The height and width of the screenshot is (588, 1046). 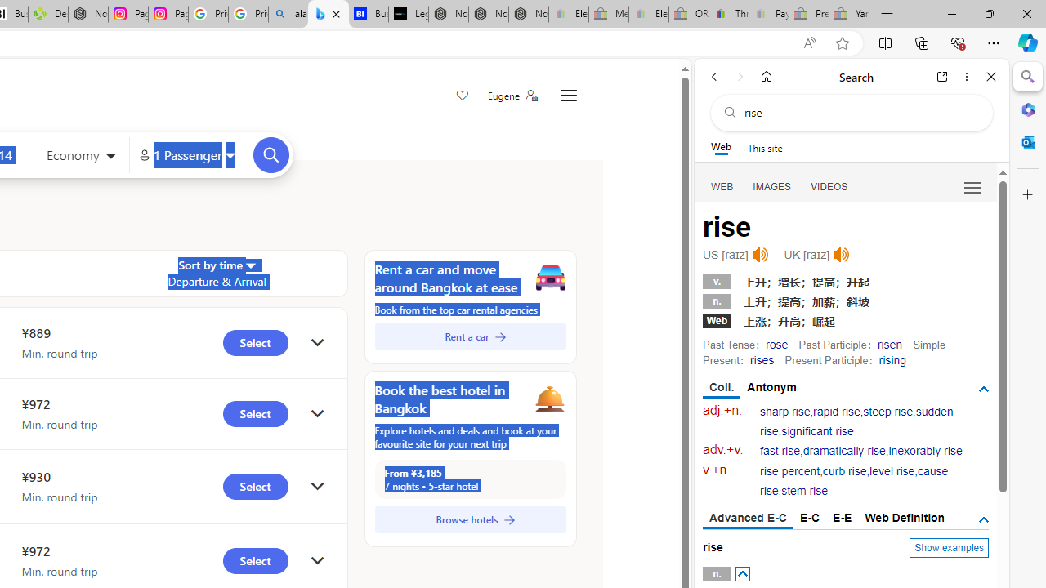 I want to click on 'fast rise', so click(x=780, y=451).